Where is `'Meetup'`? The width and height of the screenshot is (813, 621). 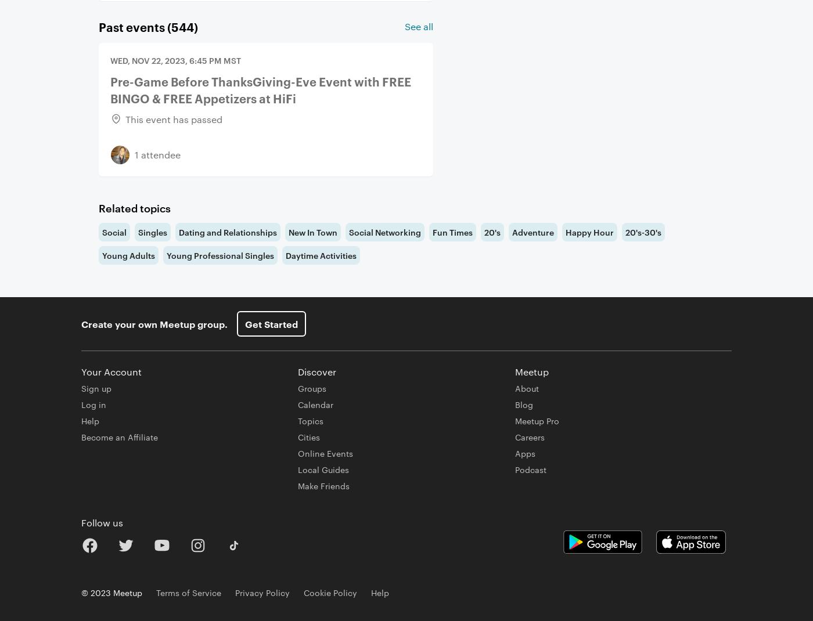
'Meetup' is located at coordinates (531, 371).